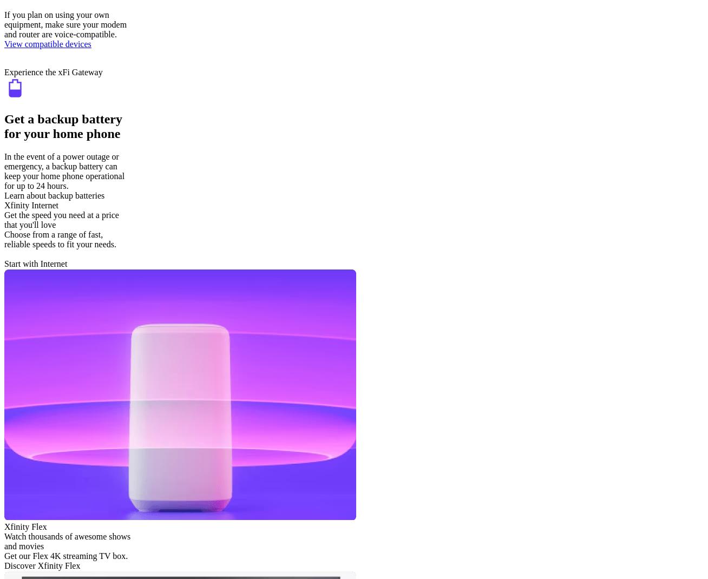 The height and width of the screenshot is (579, 708). I want to click on 'Xfinity Flex', so click(25, 525).